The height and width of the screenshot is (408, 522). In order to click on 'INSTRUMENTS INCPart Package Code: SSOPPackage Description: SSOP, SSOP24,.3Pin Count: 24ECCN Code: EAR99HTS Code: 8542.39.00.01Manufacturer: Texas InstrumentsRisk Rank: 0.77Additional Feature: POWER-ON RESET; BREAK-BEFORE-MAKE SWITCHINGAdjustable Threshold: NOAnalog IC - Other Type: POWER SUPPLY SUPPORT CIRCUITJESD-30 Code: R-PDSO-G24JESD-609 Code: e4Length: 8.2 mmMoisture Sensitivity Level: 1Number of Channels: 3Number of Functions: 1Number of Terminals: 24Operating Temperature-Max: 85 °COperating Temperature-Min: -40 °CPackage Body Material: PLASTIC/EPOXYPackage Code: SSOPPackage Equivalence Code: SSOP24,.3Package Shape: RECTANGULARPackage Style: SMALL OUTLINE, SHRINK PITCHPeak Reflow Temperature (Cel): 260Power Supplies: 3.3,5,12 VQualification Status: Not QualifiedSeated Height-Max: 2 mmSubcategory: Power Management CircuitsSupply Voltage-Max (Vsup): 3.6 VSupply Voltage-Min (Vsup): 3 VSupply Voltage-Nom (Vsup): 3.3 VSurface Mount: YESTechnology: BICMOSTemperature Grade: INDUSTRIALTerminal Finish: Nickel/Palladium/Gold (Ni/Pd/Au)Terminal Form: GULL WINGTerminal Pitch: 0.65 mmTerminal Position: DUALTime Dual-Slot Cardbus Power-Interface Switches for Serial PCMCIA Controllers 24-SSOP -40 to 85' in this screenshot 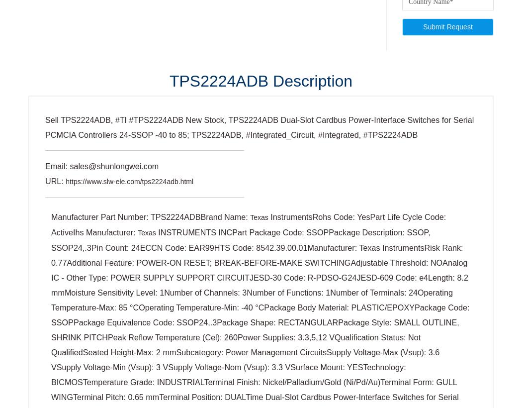, I will do `click(260, 108)`.